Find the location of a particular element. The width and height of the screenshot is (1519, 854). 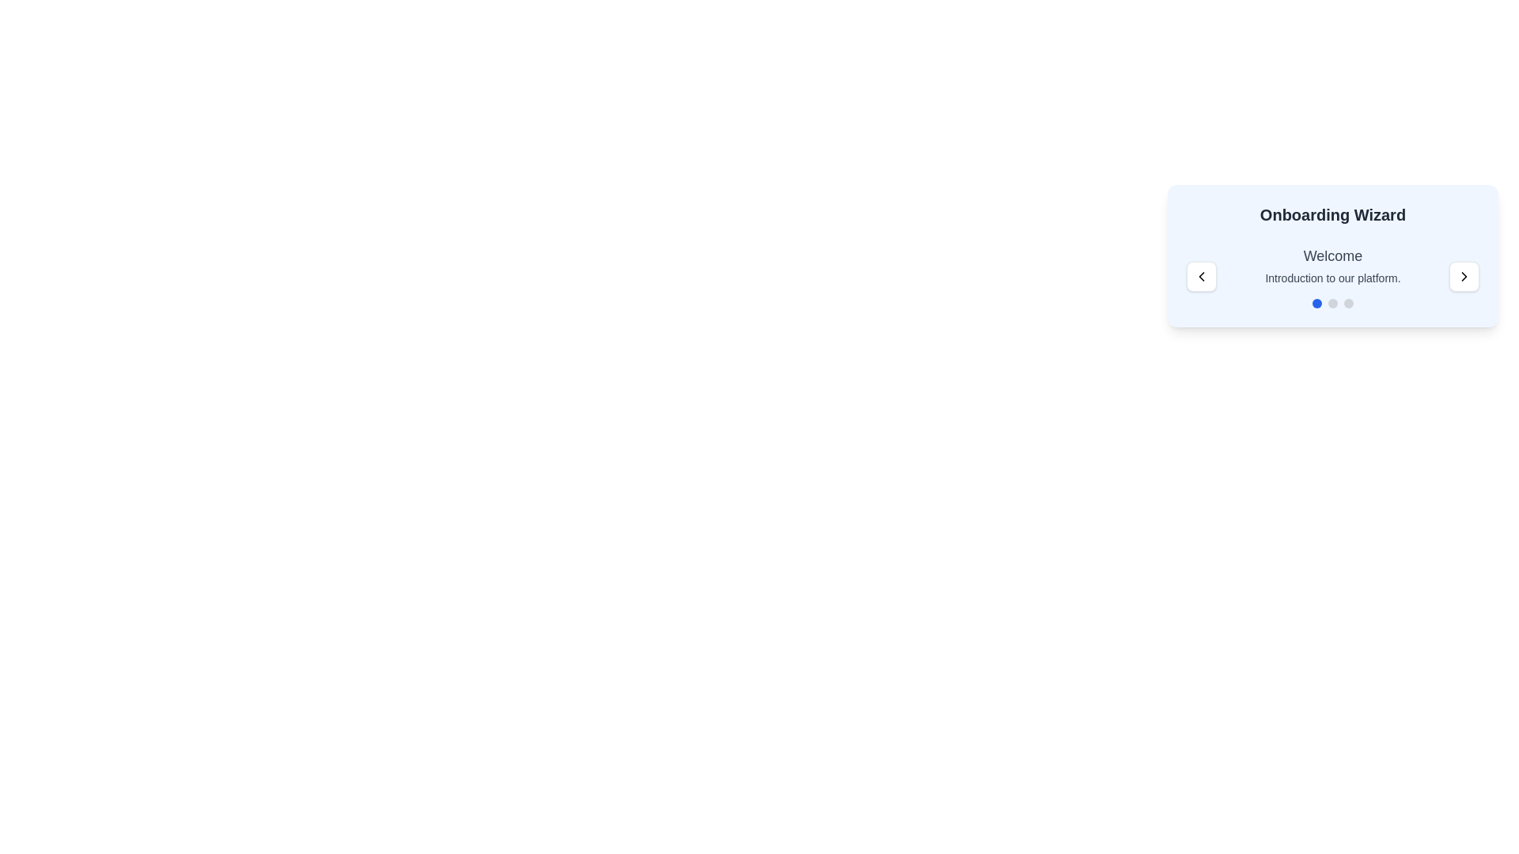

the second visual navigation indicator dot within the 'Onboarding Wizard' UI card is located at coordinates (1331, 304).